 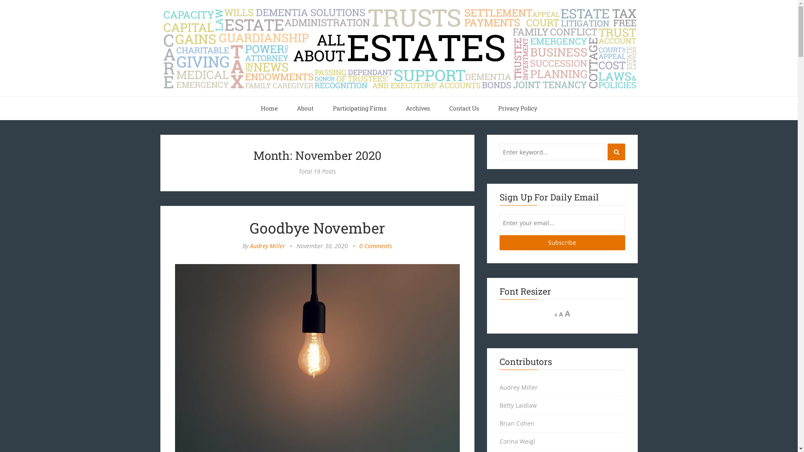 I want to click on 'Betty Laidlaw', so click(x=562, y=405).